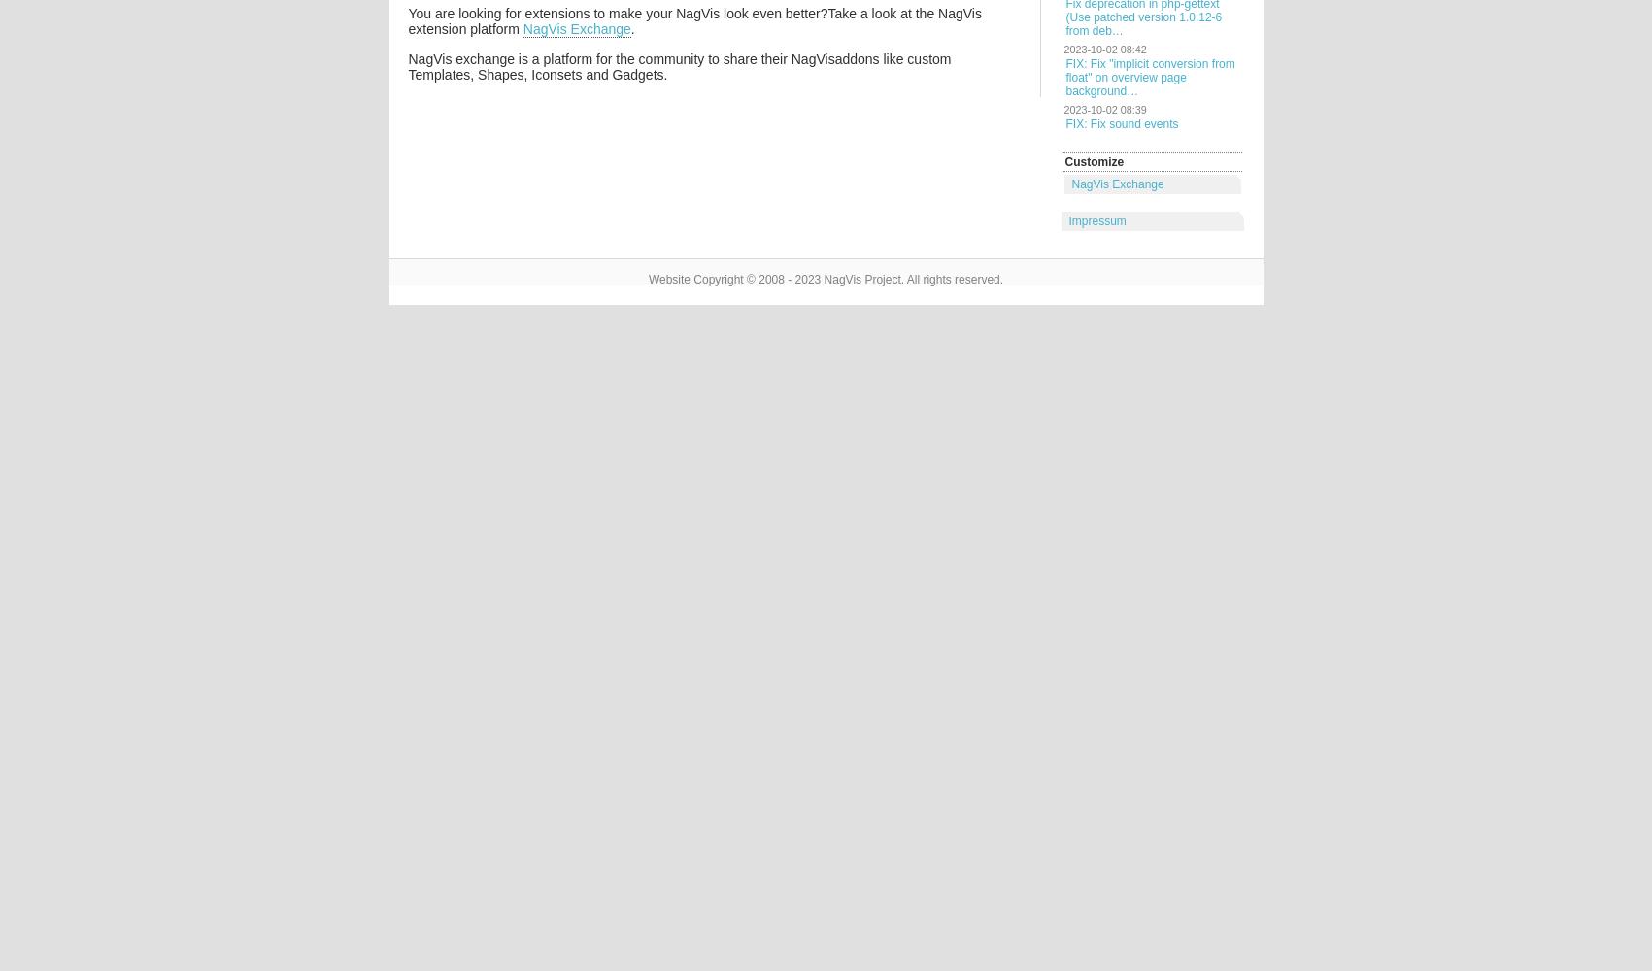 The image size is (1652, 971). Describe the element at coordinates (692, 21) in the screenshot. I see `'You are looking for extensions to make your NagVis look even better?Take a look at the NagVis extension platform'` at that location.